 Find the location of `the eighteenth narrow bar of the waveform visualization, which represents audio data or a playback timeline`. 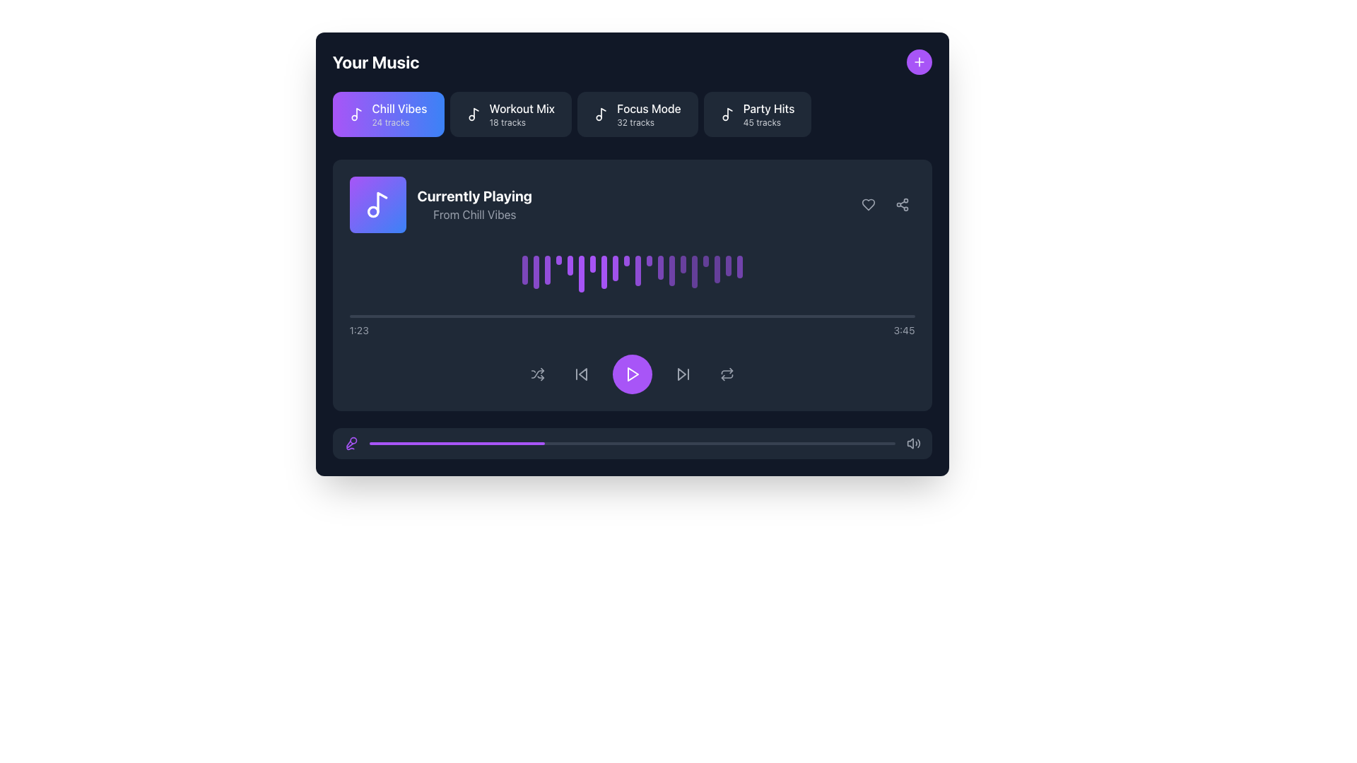

the eighteenth narrow bar of the waveform visualization, which represents audio data or a playback timeline is located at coordinates (728, 266).